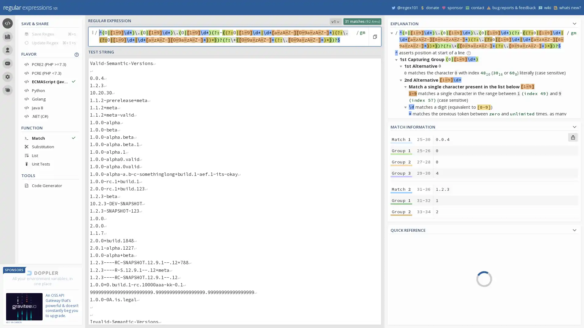  Describe the element at coordinates (50, 138) in the screenshot. I see `Match` at that location.